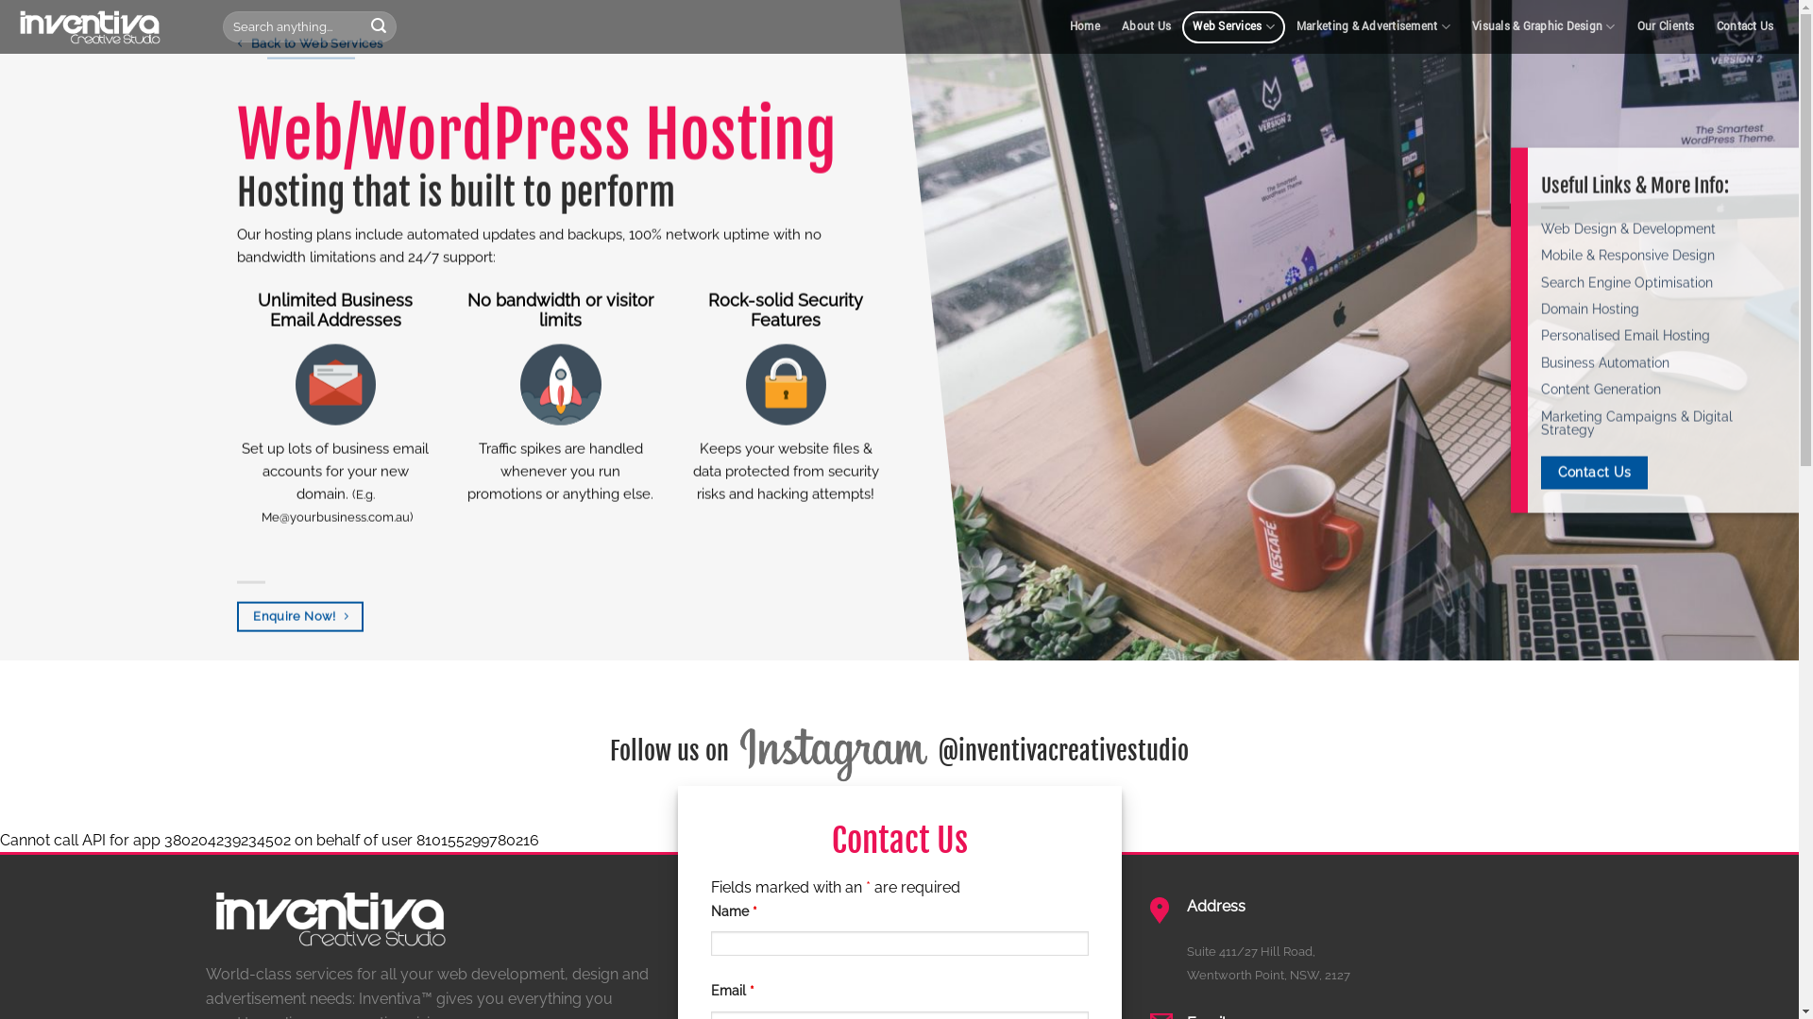 The height and width of the screenshot is (1019, 1813). Describe the element at coordinates (378, 27) in the screenshot. I see `'Search'` at that location.